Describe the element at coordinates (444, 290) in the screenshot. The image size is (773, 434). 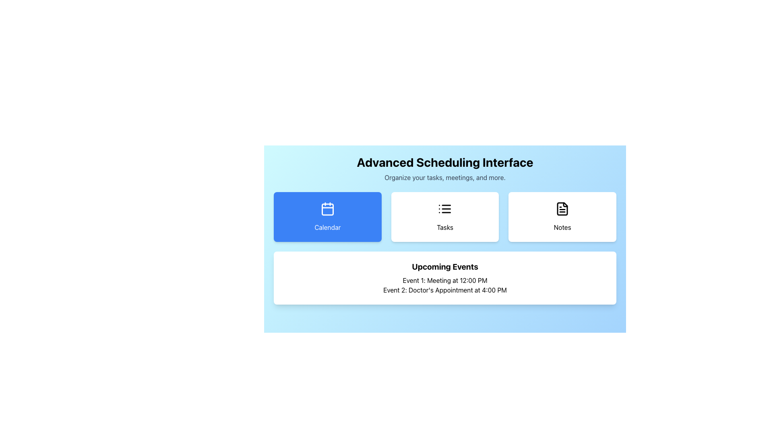
I see `the static text label displaying the Doctor's Appointment at 4:00 PM, which is located in the Upcoming Events section` at that location.